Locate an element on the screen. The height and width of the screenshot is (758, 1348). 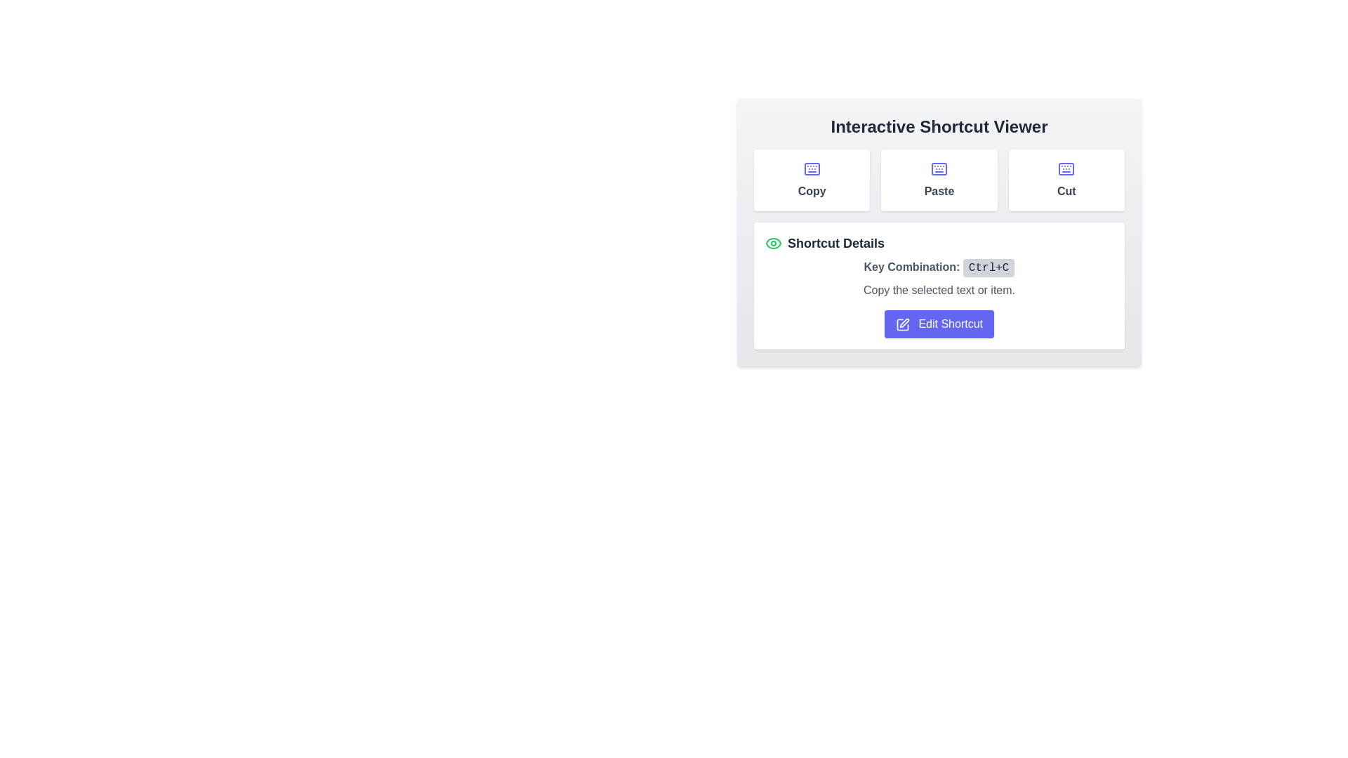
the 'Cut' text label, which represents the 'Cut' action in the interactive shortcut viewer tool, positioned as the third item in a horizontal list of options is located at coordinates (1066, 192).